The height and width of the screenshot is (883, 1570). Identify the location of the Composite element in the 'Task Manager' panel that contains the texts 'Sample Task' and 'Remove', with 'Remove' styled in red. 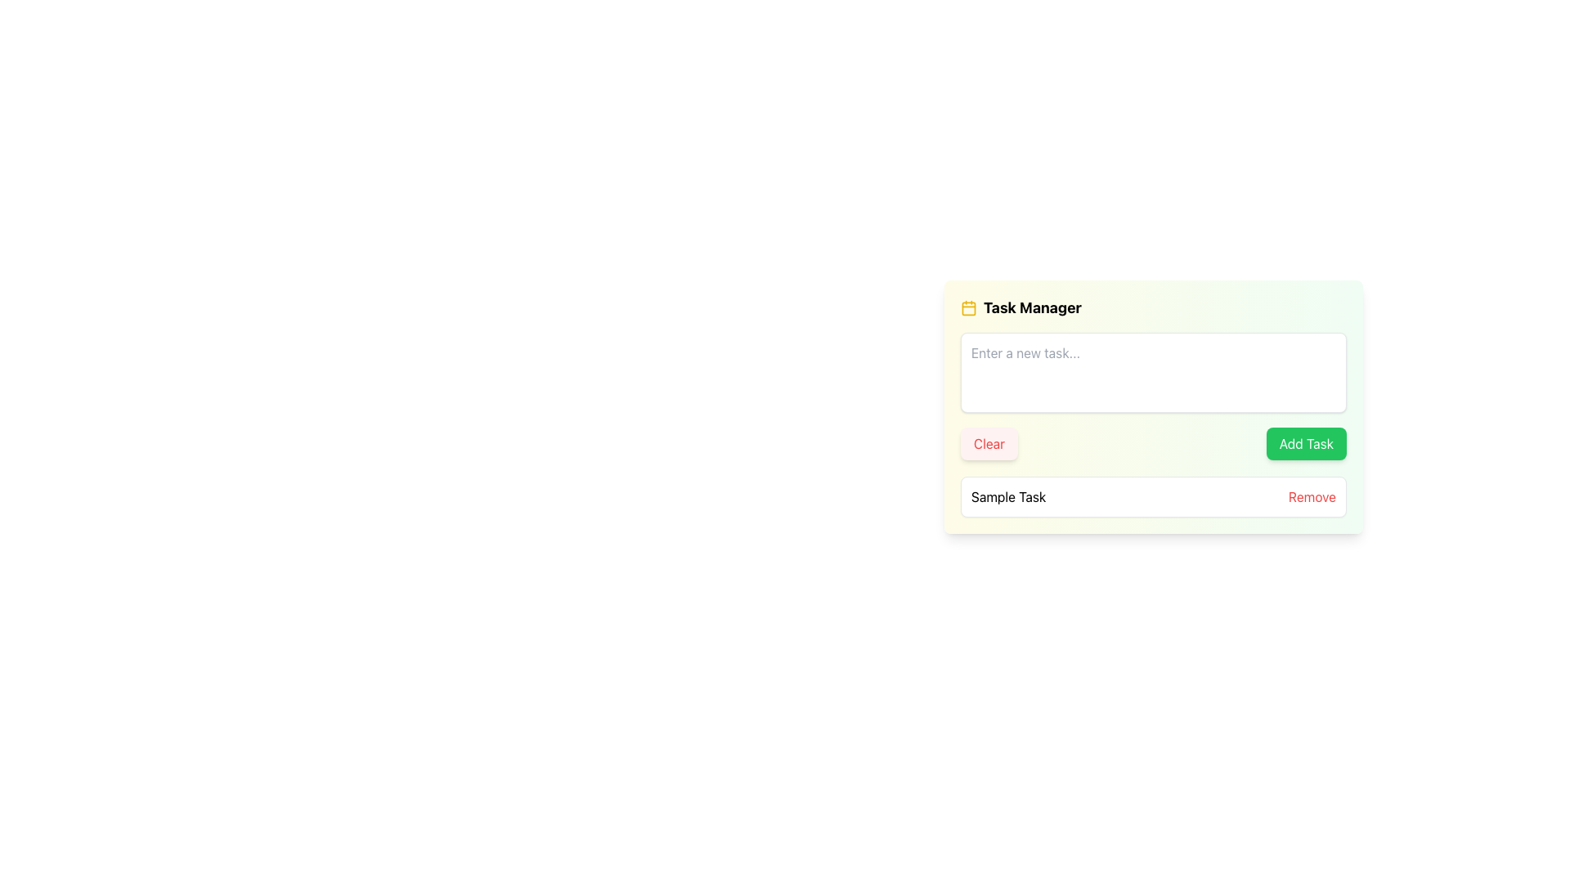
(1153, 496).